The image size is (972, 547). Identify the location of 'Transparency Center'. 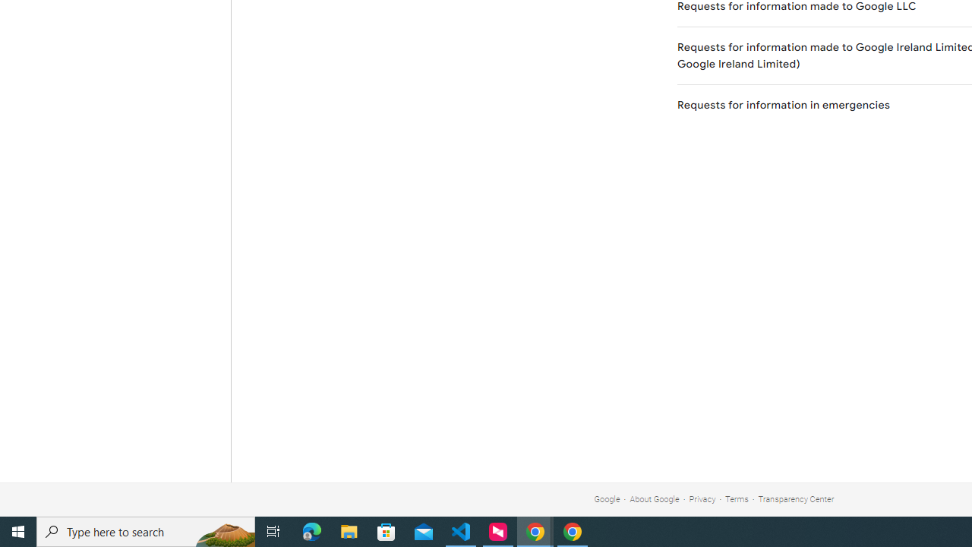
(795, 499).